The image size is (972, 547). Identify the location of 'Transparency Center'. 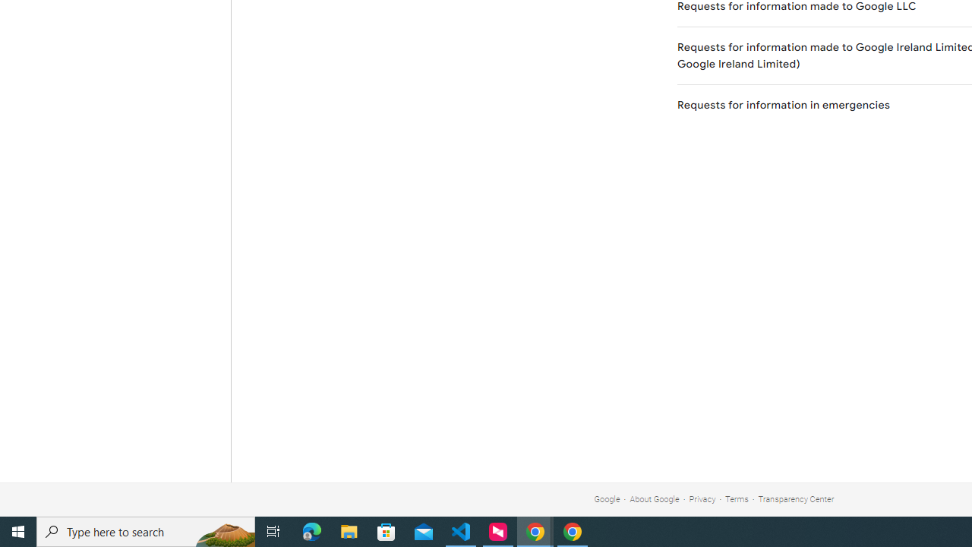
(795, 499).